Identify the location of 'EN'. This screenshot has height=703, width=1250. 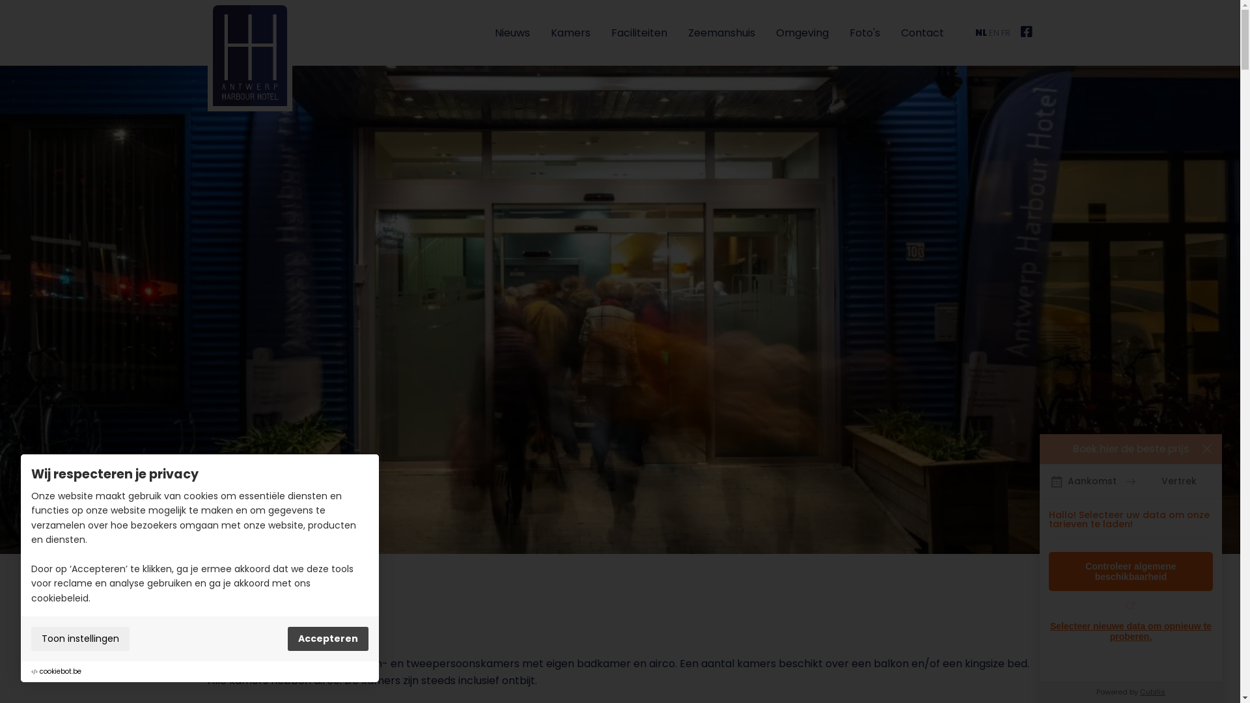
(993, 31).